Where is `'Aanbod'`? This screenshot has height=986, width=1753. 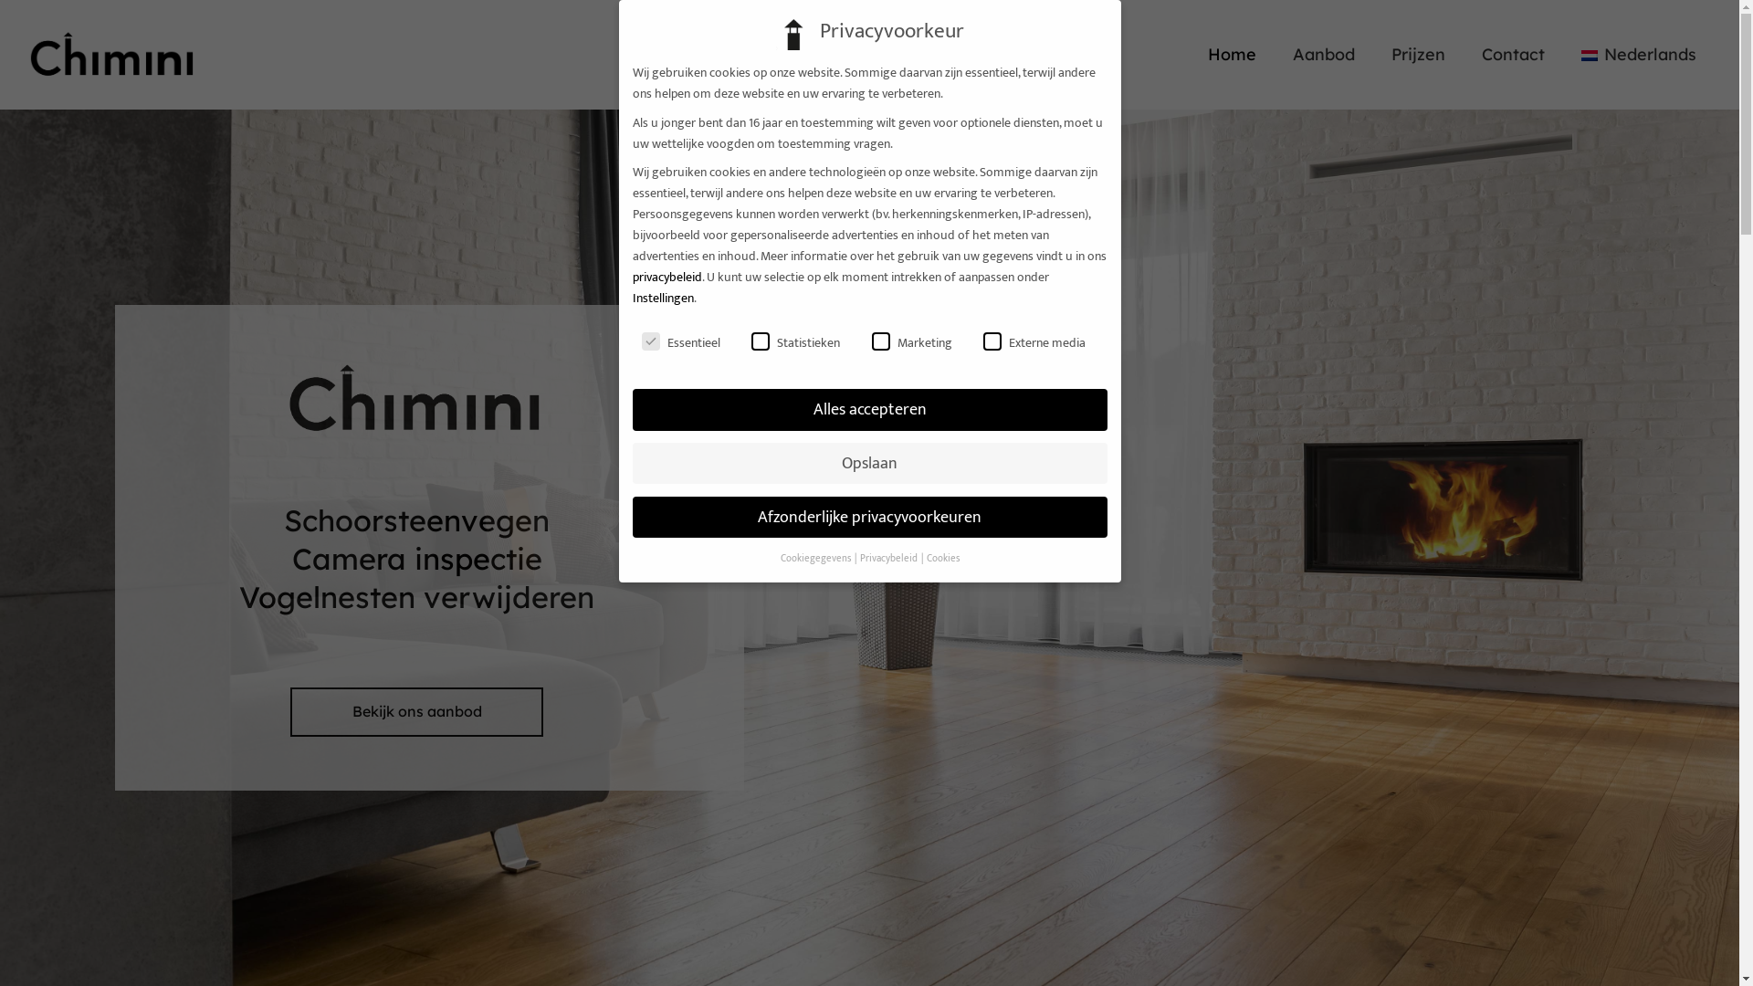
'Aanbod' is located at coordinates (1323, 54).